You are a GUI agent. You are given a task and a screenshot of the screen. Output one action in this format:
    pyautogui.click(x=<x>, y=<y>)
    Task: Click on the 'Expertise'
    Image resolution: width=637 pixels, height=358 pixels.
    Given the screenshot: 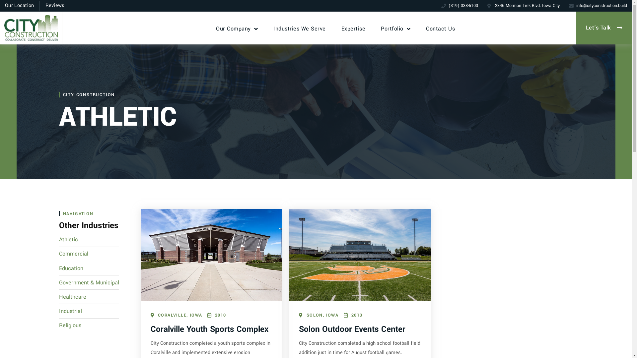 What is the action you would take?
    pyautogui.click(x=353, y=28)
    